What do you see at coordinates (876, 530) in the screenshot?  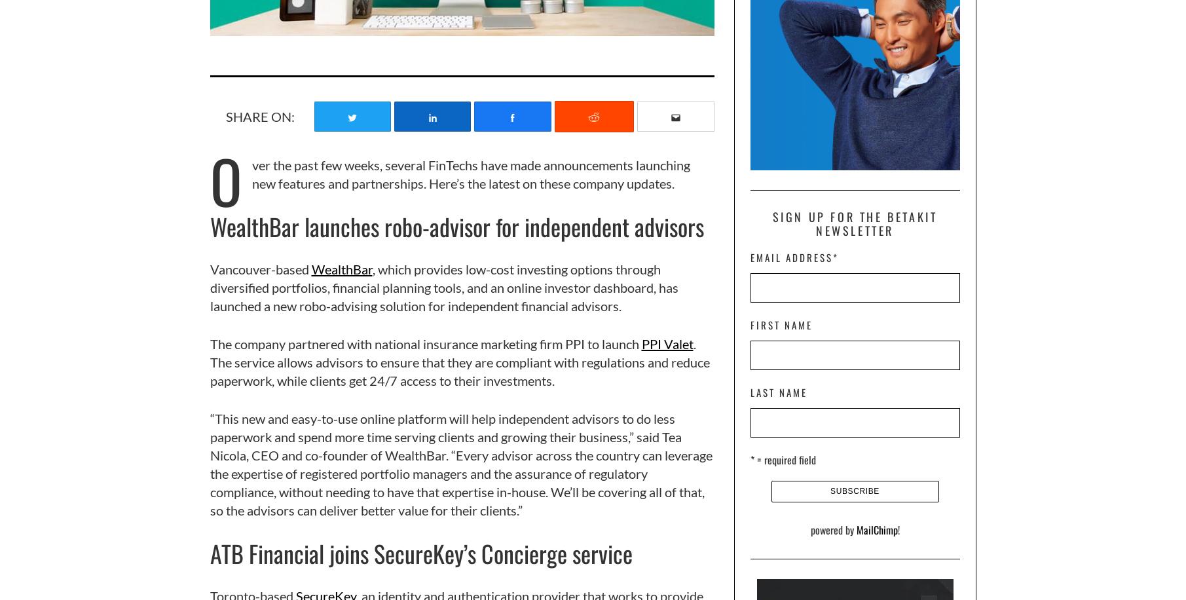 I see `'MailChimp'` at bounding box center [876, 530].